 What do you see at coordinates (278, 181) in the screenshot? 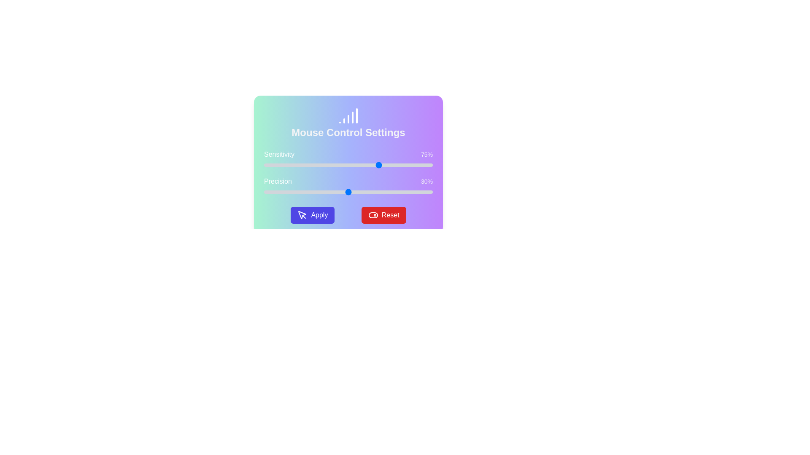
I see `the static text label displaying 'Precision', which features a medium-sized white font on a colorful gradient background, located in the settings panel for 'Mouse Control Settings'` at bounding box center [278, 181].